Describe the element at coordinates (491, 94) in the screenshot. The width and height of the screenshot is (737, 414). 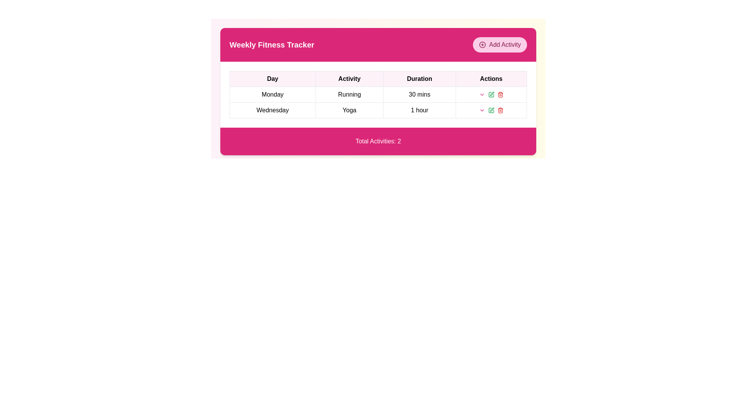
I see `the interactive icon in the table cell of the first row and fourth column, which corresponds to the 'Running' activity scheduled for 'Monday'` at that location.